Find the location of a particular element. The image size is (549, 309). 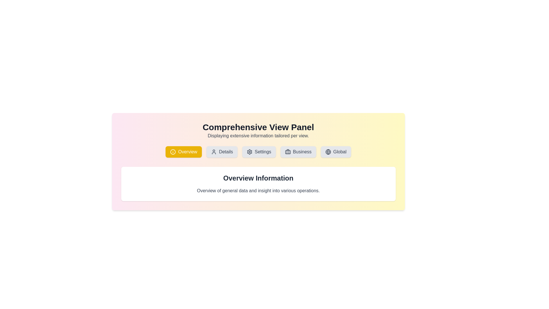

the 'Global' button icon located in the top-right section of the interface, which serves as a visual representation for global functions is located at coordinates (328, 152).